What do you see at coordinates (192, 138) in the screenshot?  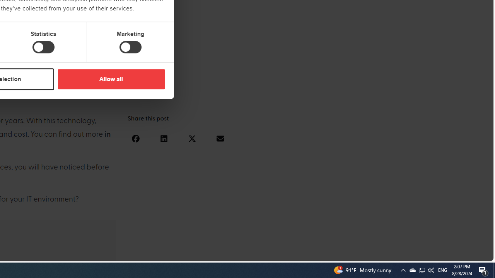 I see `'Share on x-twitter'` at bounding box center [192, 138].